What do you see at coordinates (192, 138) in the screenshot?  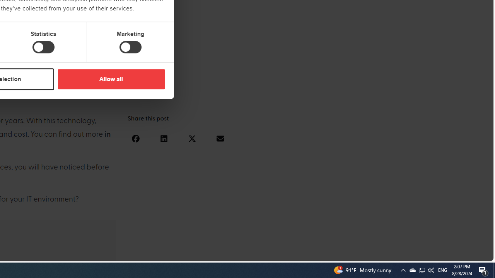 I see `'Share on x-twitter'` at bounding box center [192, 138].